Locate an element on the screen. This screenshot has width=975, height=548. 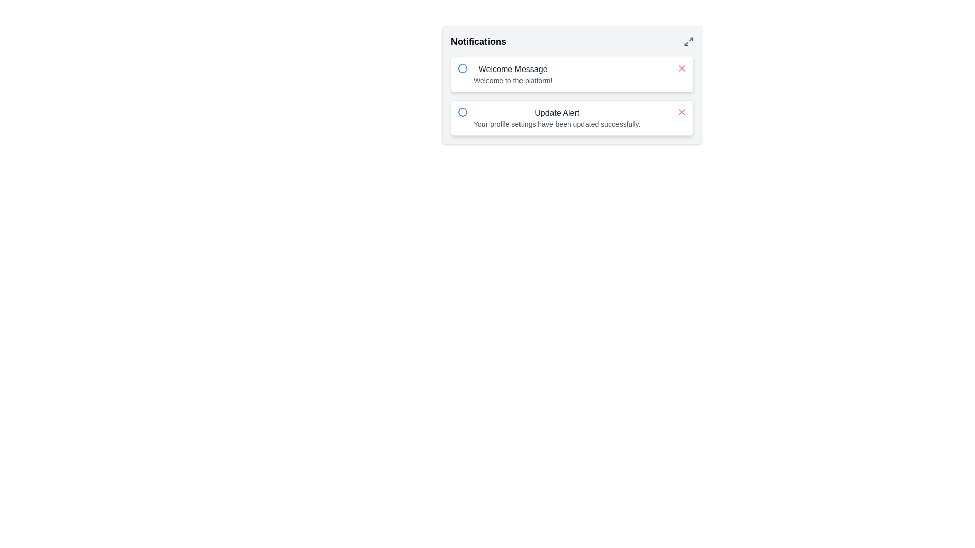
the small red 'X' Close Icon located on the right-hand side of the 'Welcome Message' notification box is located at coordinates (682, 68).